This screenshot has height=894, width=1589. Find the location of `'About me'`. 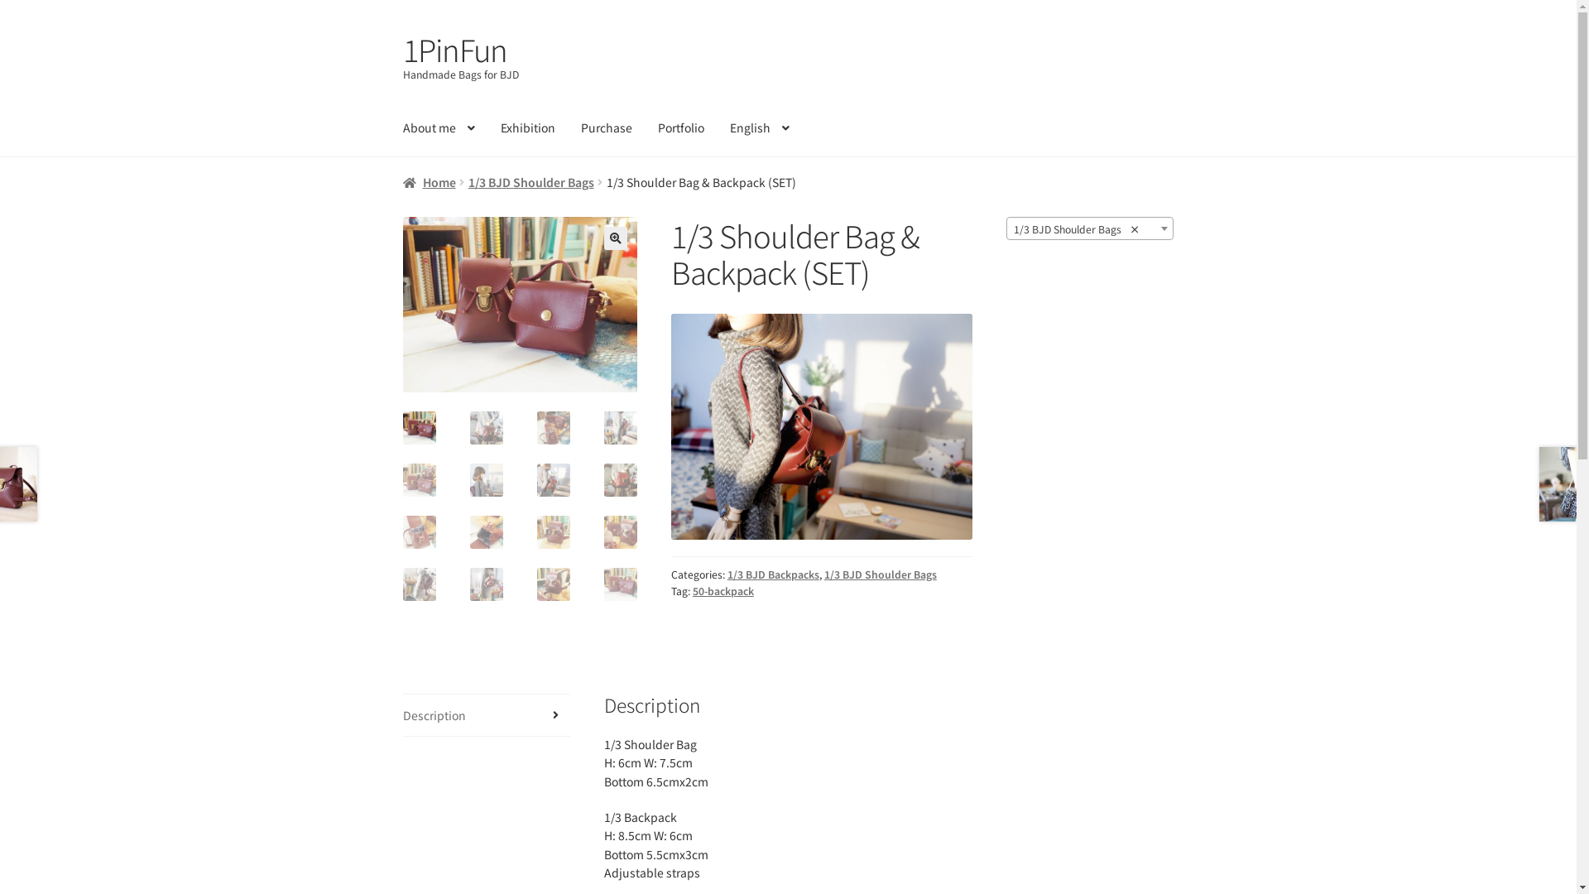

'About me' is located at coordinates (439, 127).